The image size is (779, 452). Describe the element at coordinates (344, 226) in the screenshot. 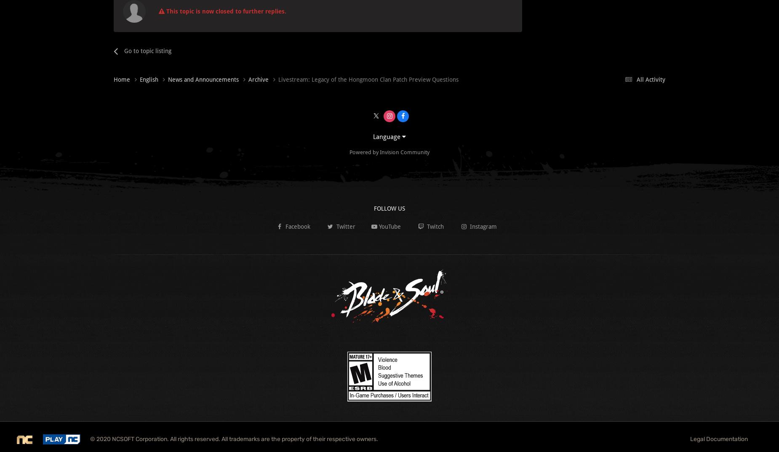

I see `'Twitter'` at that location.